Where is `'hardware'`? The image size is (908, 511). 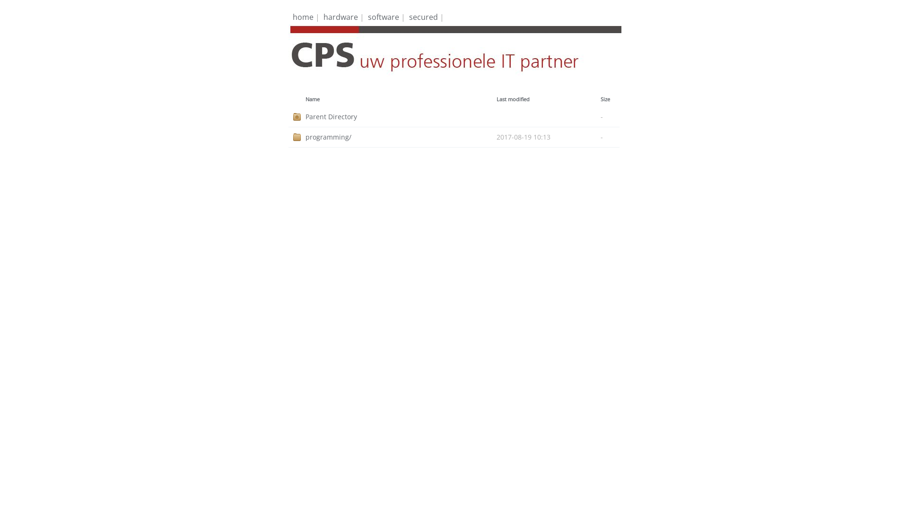 'hardware' is located at coordinates (340, 17).